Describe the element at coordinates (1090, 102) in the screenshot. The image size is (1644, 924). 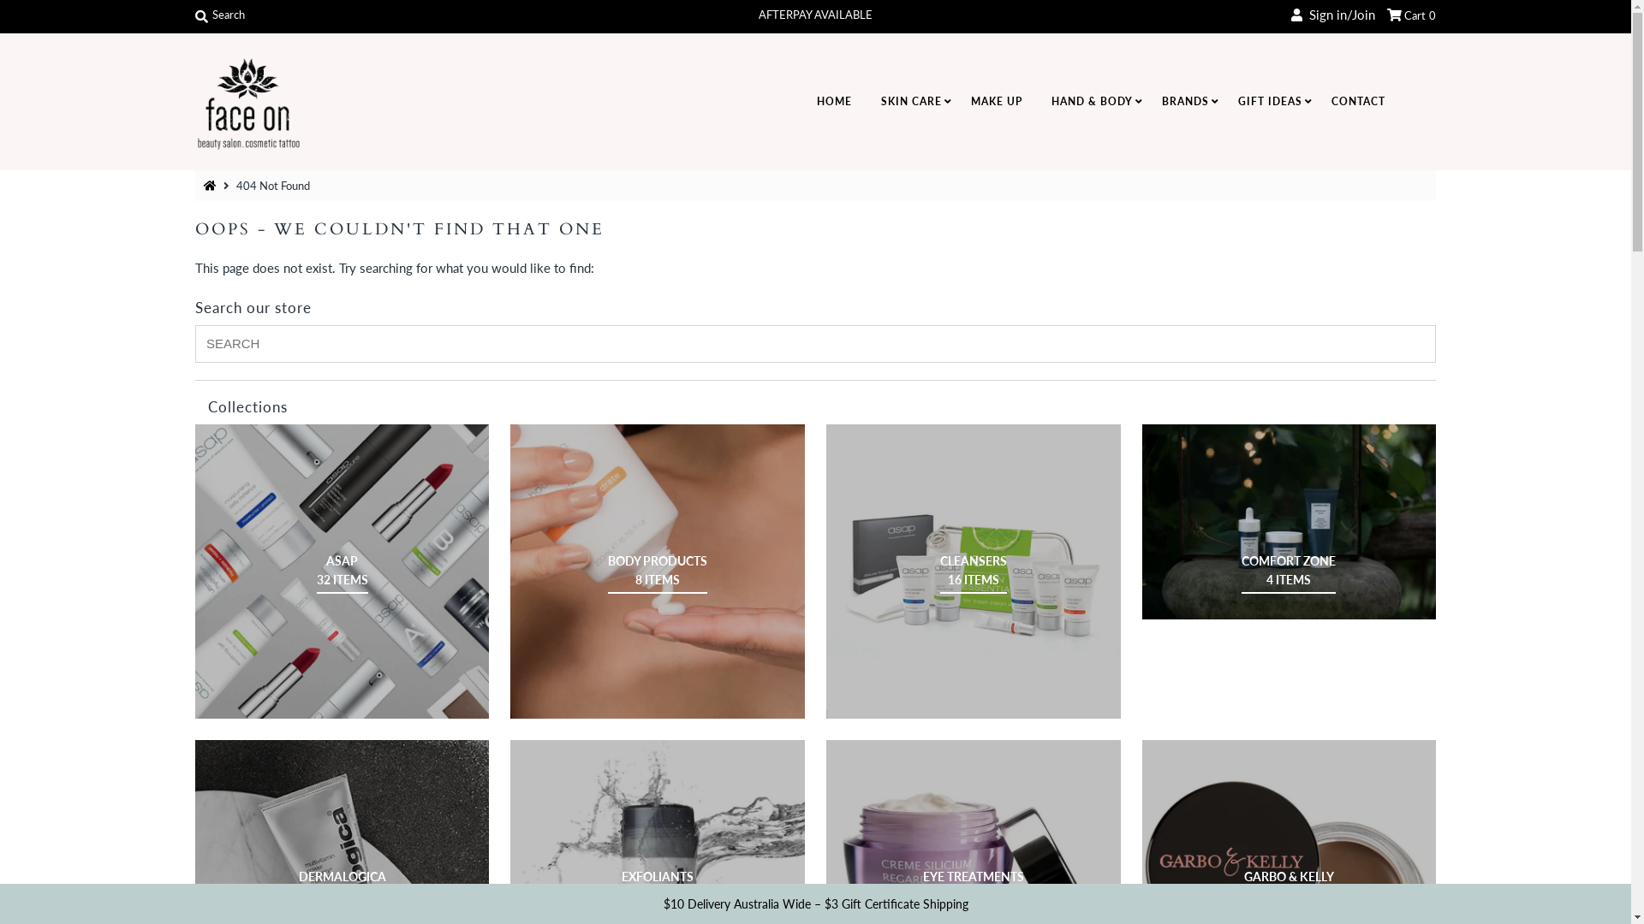
I see `'HAND & BODY'` at that location.